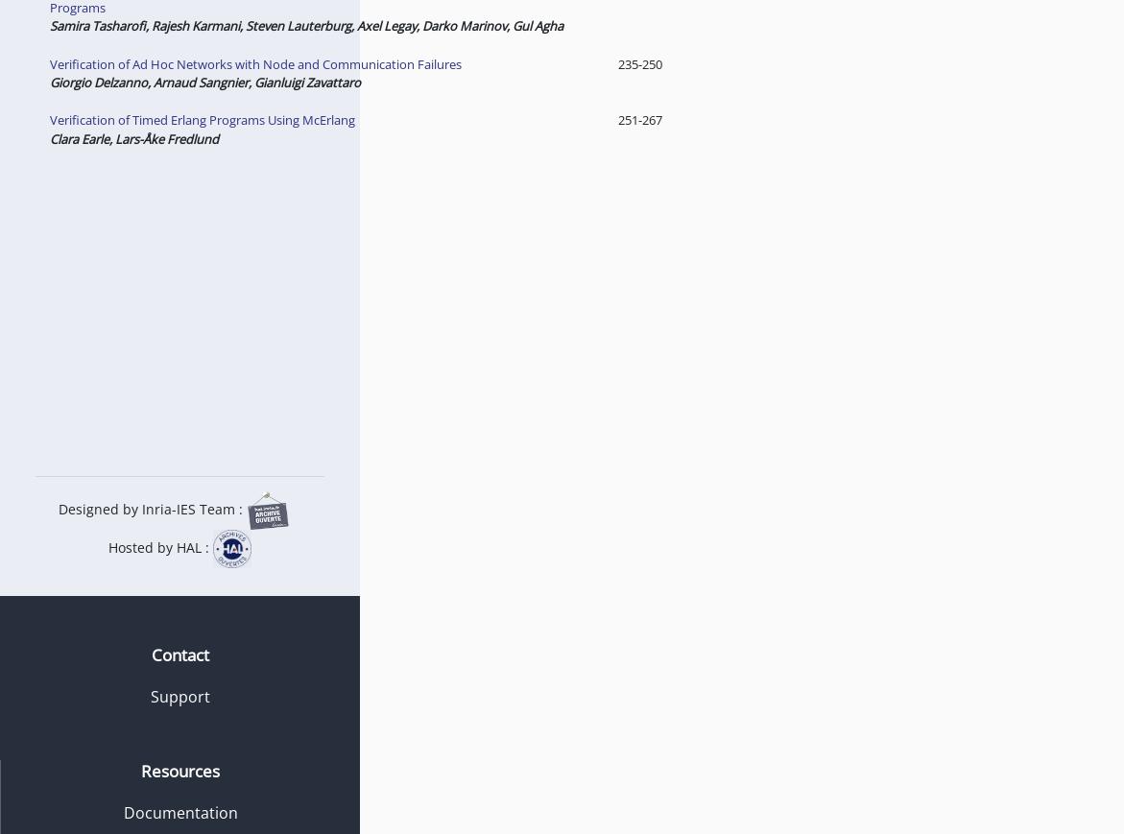 Image resolution: width=1124 pixels, height=834 pixels. What do you see at coordinates (637, 118) in the screenshot?
I see `'251-267'` at bounding box center [637, 118].